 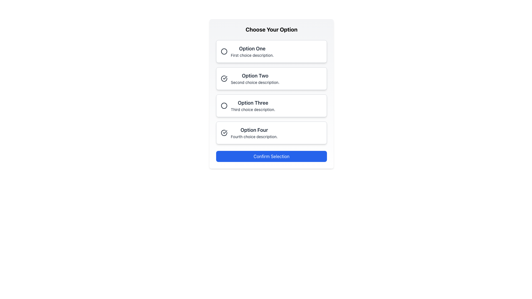 I want to click on the selectable option titled 'Option Three' with the description 'Third choice description.' located in the third position of the list under the header 'Choose Your Option', so click(x=252, y=105).